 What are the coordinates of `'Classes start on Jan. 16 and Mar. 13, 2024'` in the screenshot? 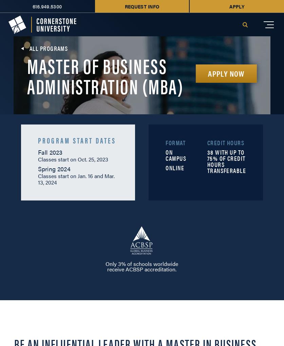 It's located at (75, 178).